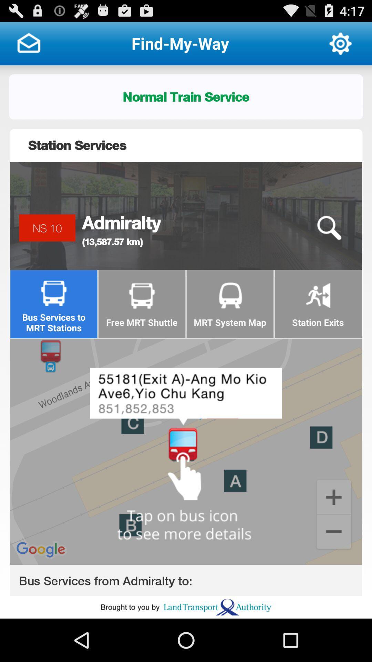  Describe the element at coordinates (333, 531) in the screenshot. I see `the add icon` at that location.